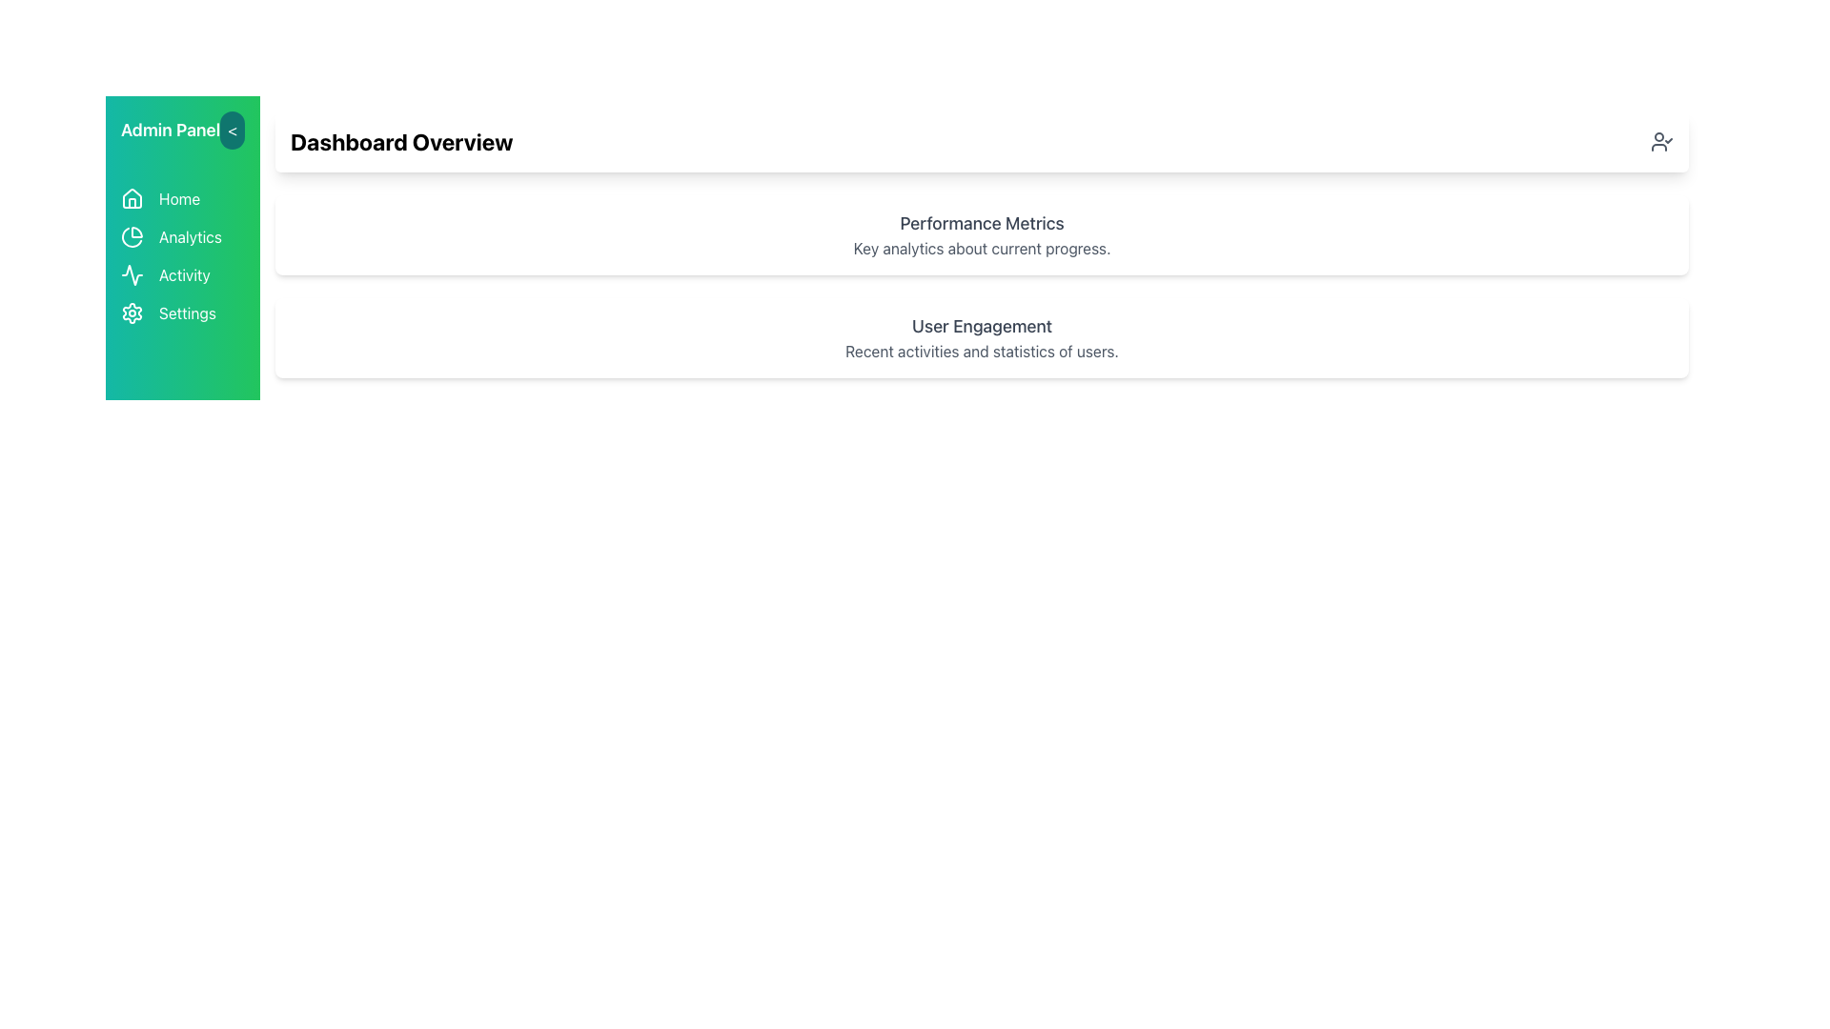 This screenshot has width=1830, height=1029. I want to click on the text block that reads 'Key analytics about current progress.' positioned below the header 'Performance Metrics.', so click(982, 248).